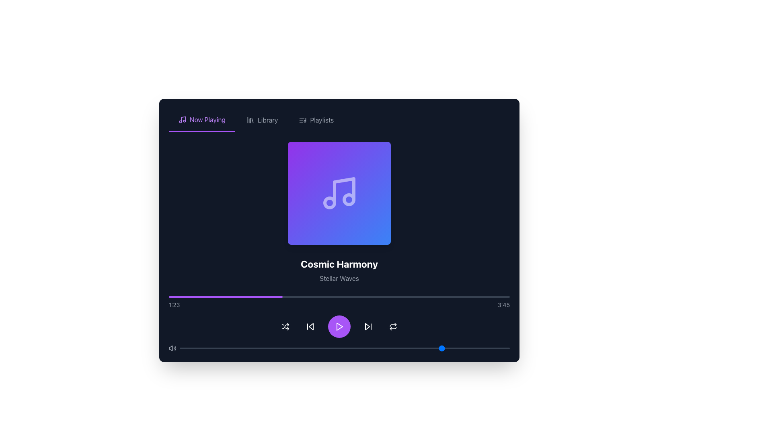 This screenshot has height=434, width=772. Describe the element at coordinates (174, 305) in the screenshot. I see `the text label indicating the current playback position in the audio or video timeline, located near the bottom-left corner of the interface` at that location.